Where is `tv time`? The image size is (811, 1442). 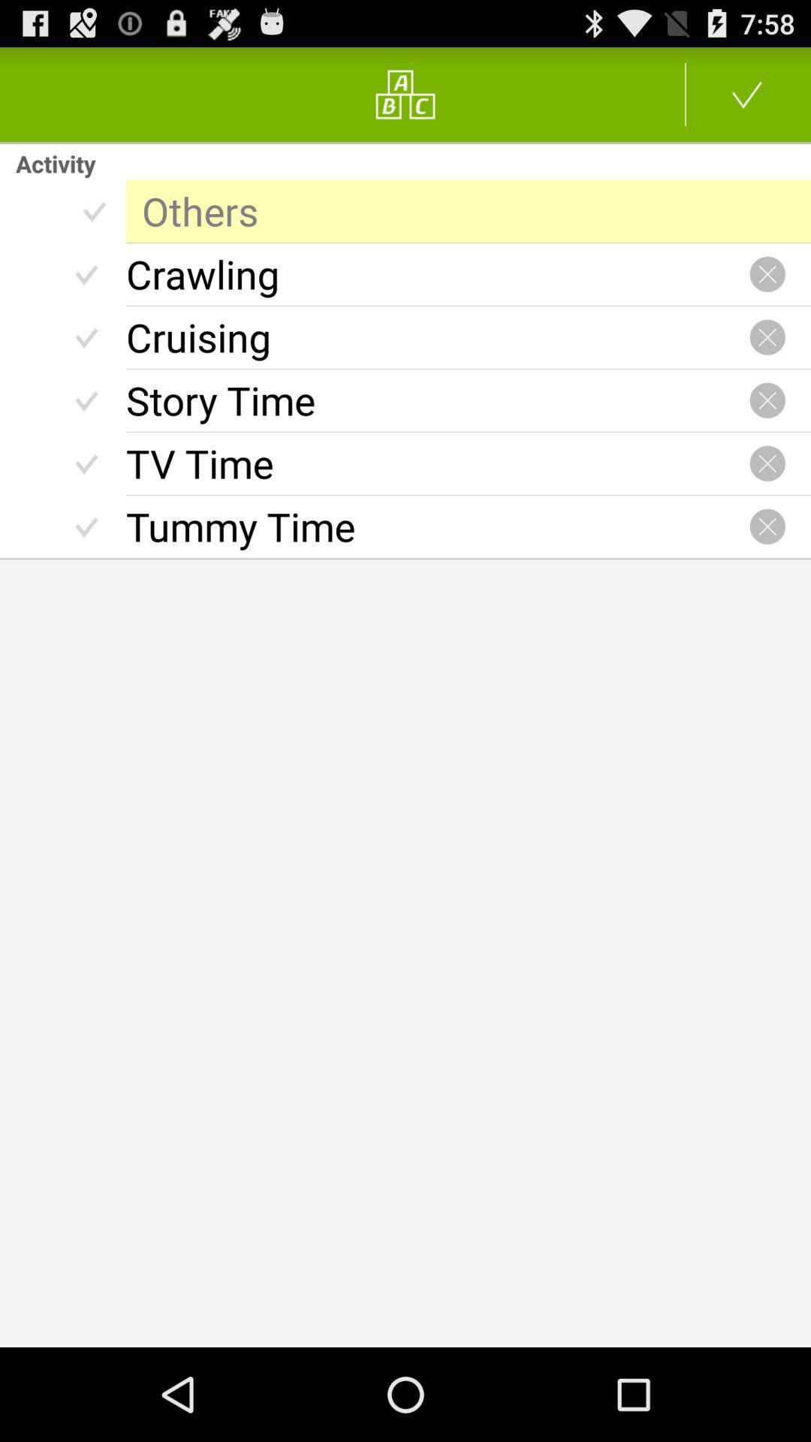
tv time is located at coordinates (767, 463).